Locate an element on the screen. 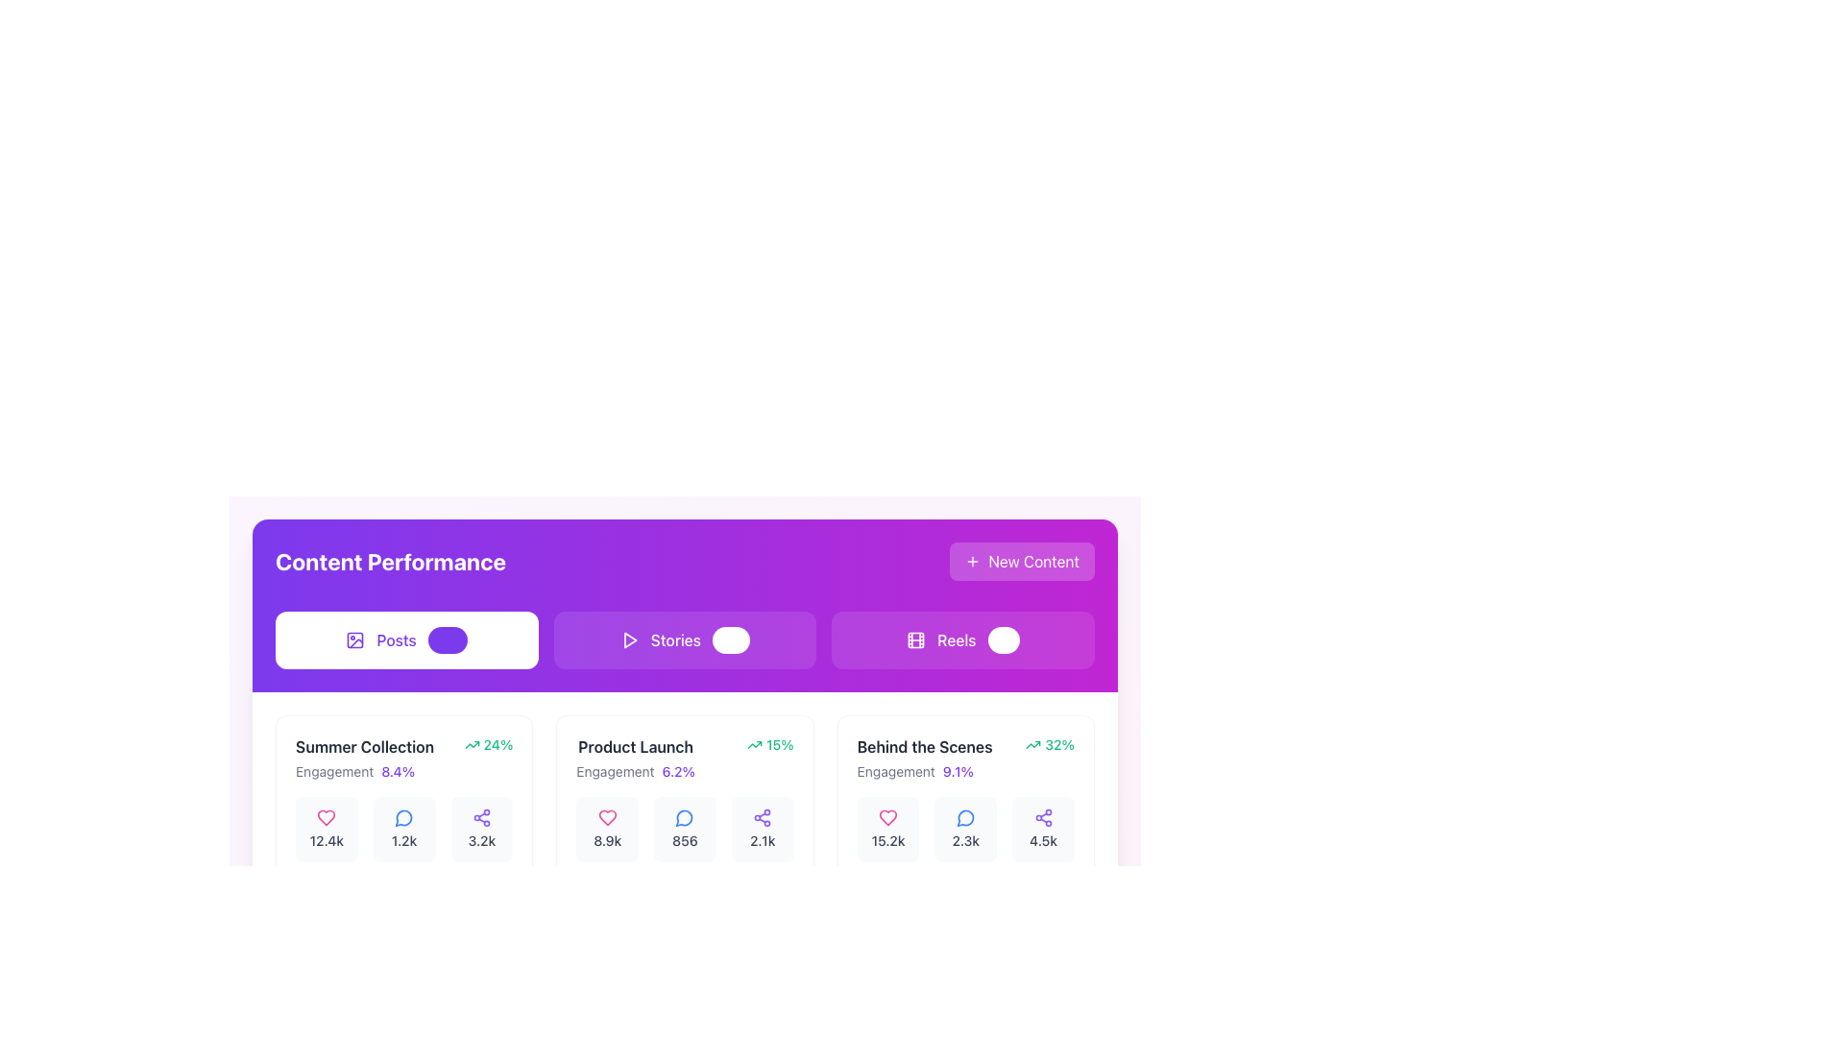  count displayed on the informational card with a blue speech bubble icon in the 'Product Launch' section under 'Content Performance', specifically the middle of three stats under the 'Engagement' subheading is located at coordinates (685, 829).